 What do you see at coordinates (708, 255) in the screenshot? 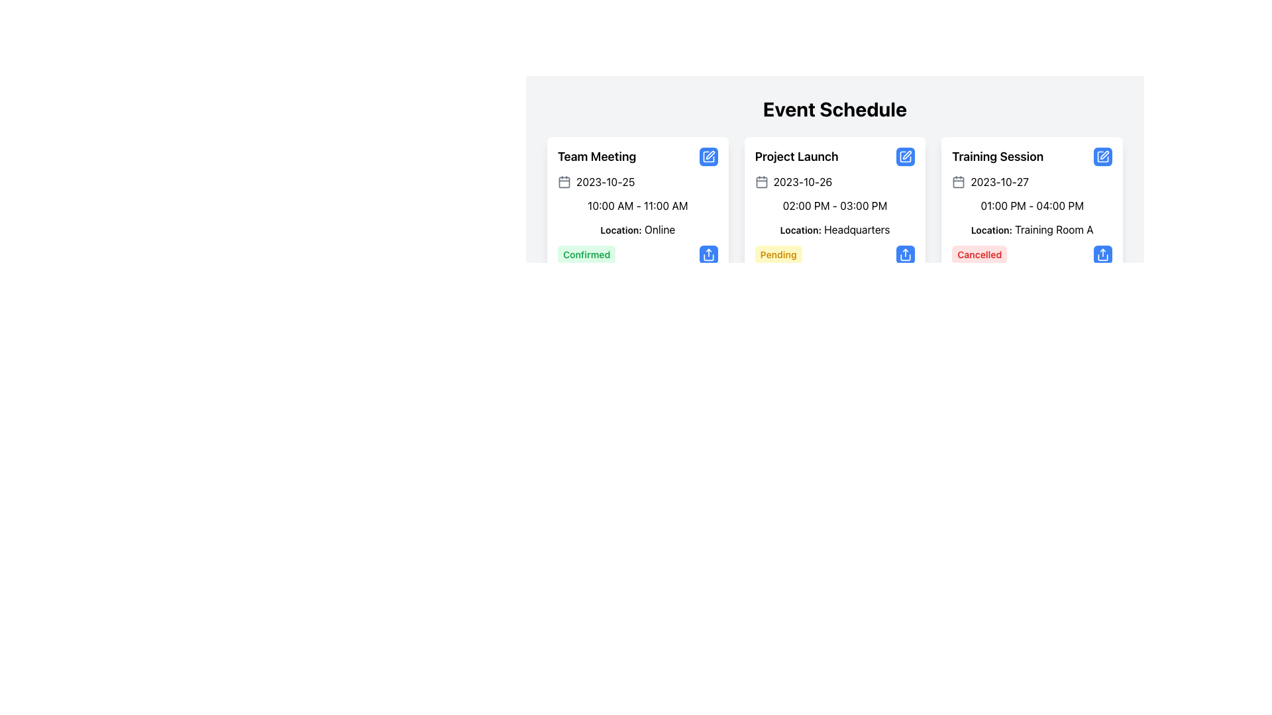
I see `the small square button with a blue background and white border, which has an upward arrow icon for share or upload actions, located at the bottom-right corner of the 'Confirmed' event card` at bounding box center [708, 255].